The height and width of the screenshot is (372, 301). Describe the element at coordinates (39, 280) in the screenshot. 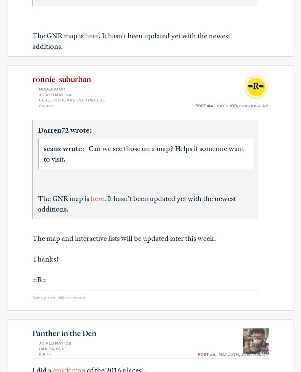

I see `'=R='` at that location.